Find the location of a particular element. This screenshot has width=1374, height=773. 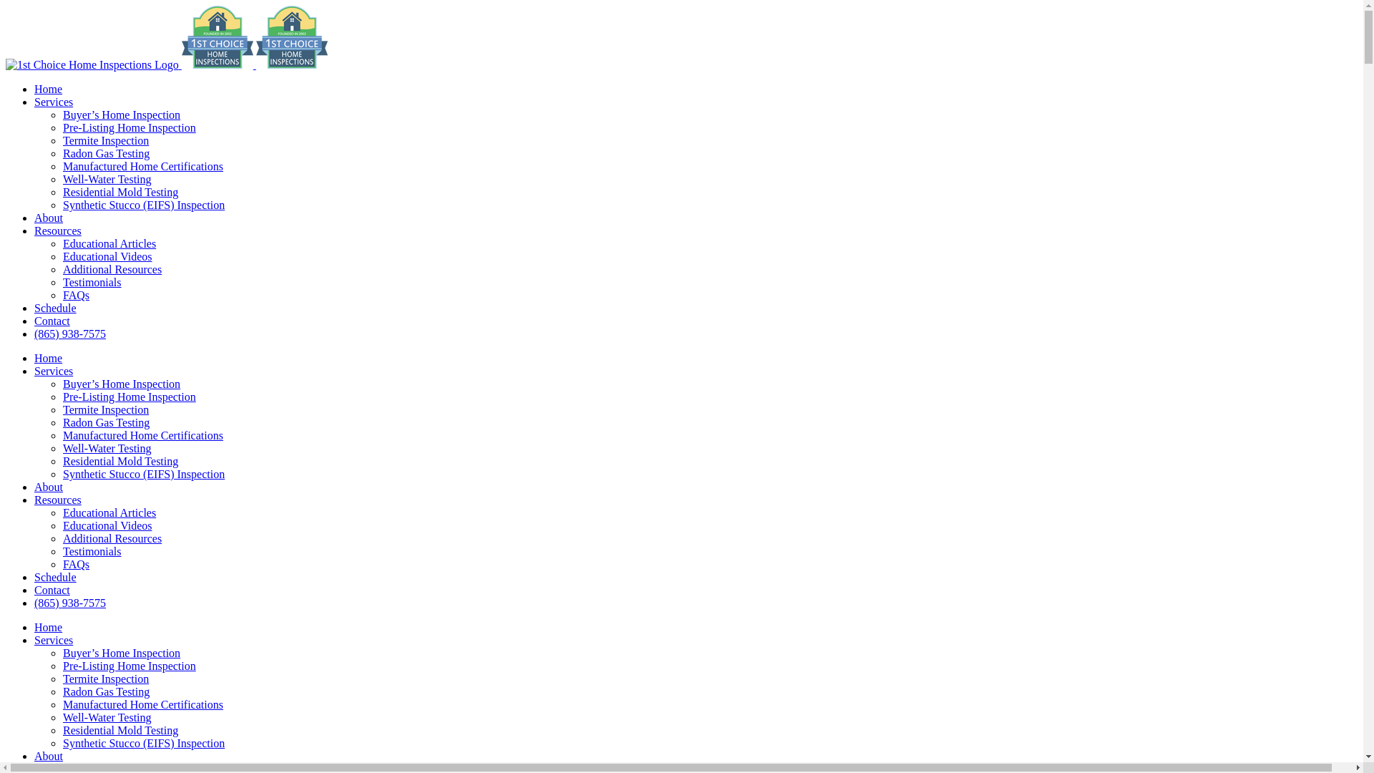

'Residential Mold Testing' is located at coordinates (120, 191).